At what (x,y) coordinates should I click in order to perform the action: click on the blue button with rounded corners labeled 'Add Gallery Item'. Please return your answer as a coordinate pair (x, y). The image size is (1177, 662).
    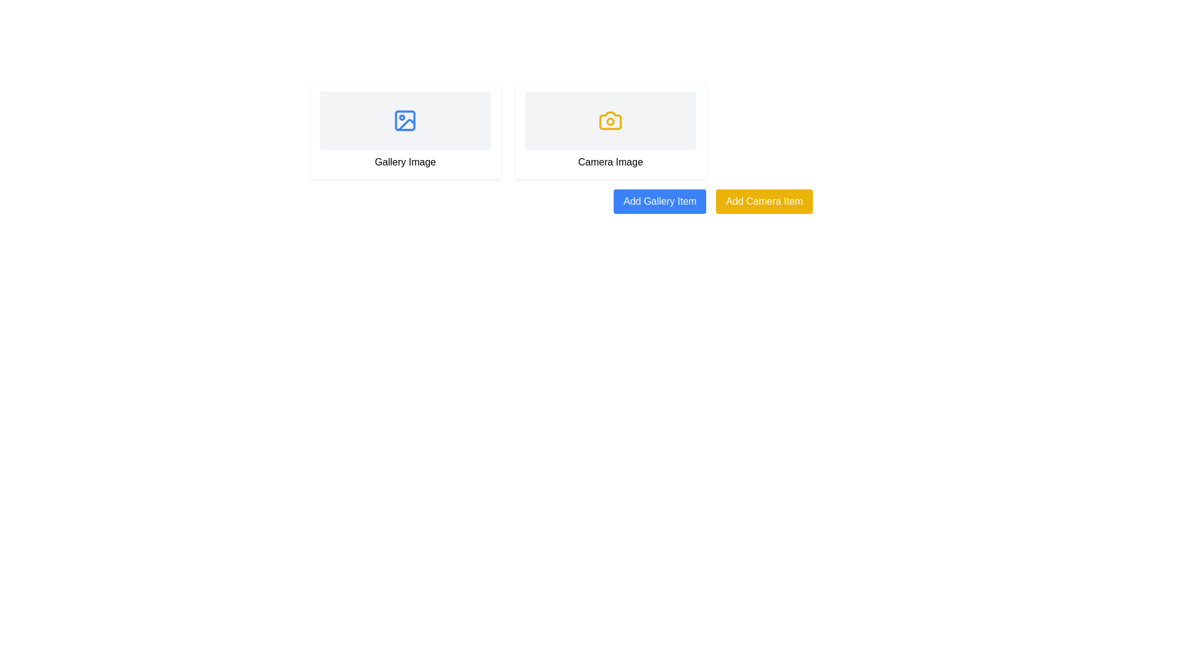
    Looking at the image, I should click on (659, 200).